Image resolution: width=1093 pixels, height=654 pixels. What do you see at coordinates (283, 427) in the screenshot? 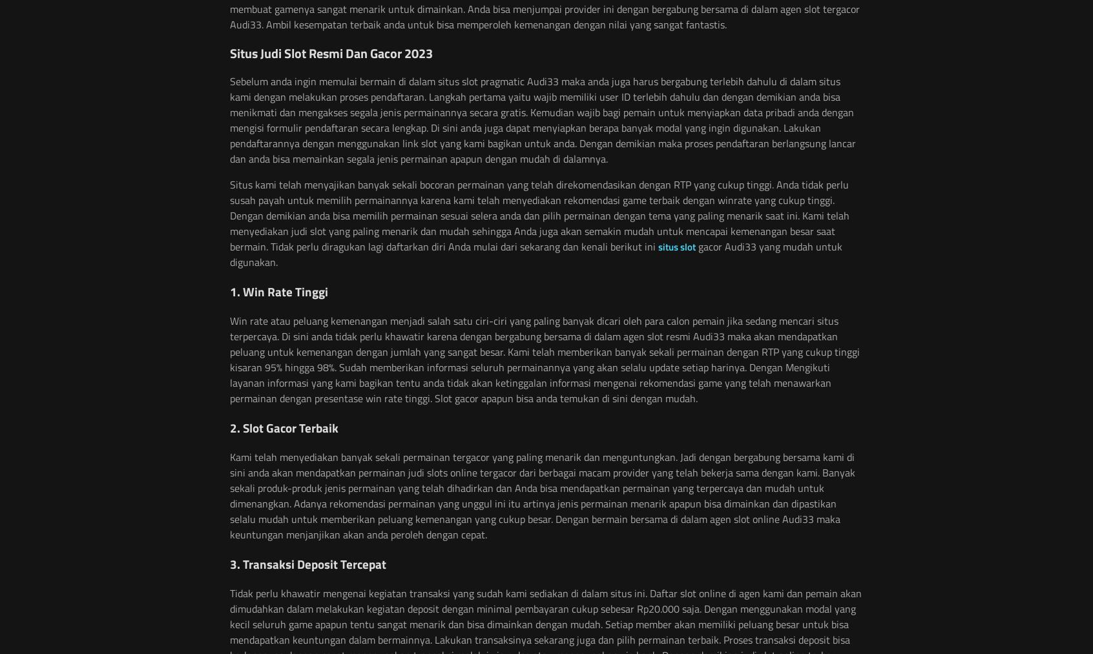
I see `'2. Slot Gacor Terbaik'` at bounding box center [283, 427].